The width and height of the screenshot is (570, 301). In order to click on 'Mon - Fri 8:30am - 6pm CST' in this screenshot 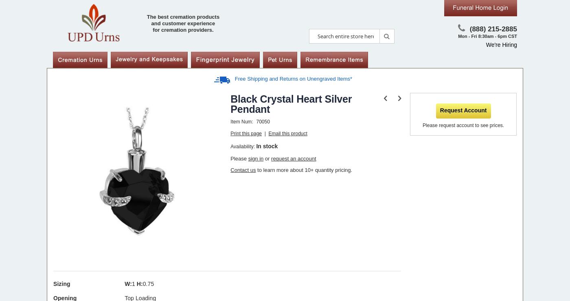, I will do `click(487, 35)`.